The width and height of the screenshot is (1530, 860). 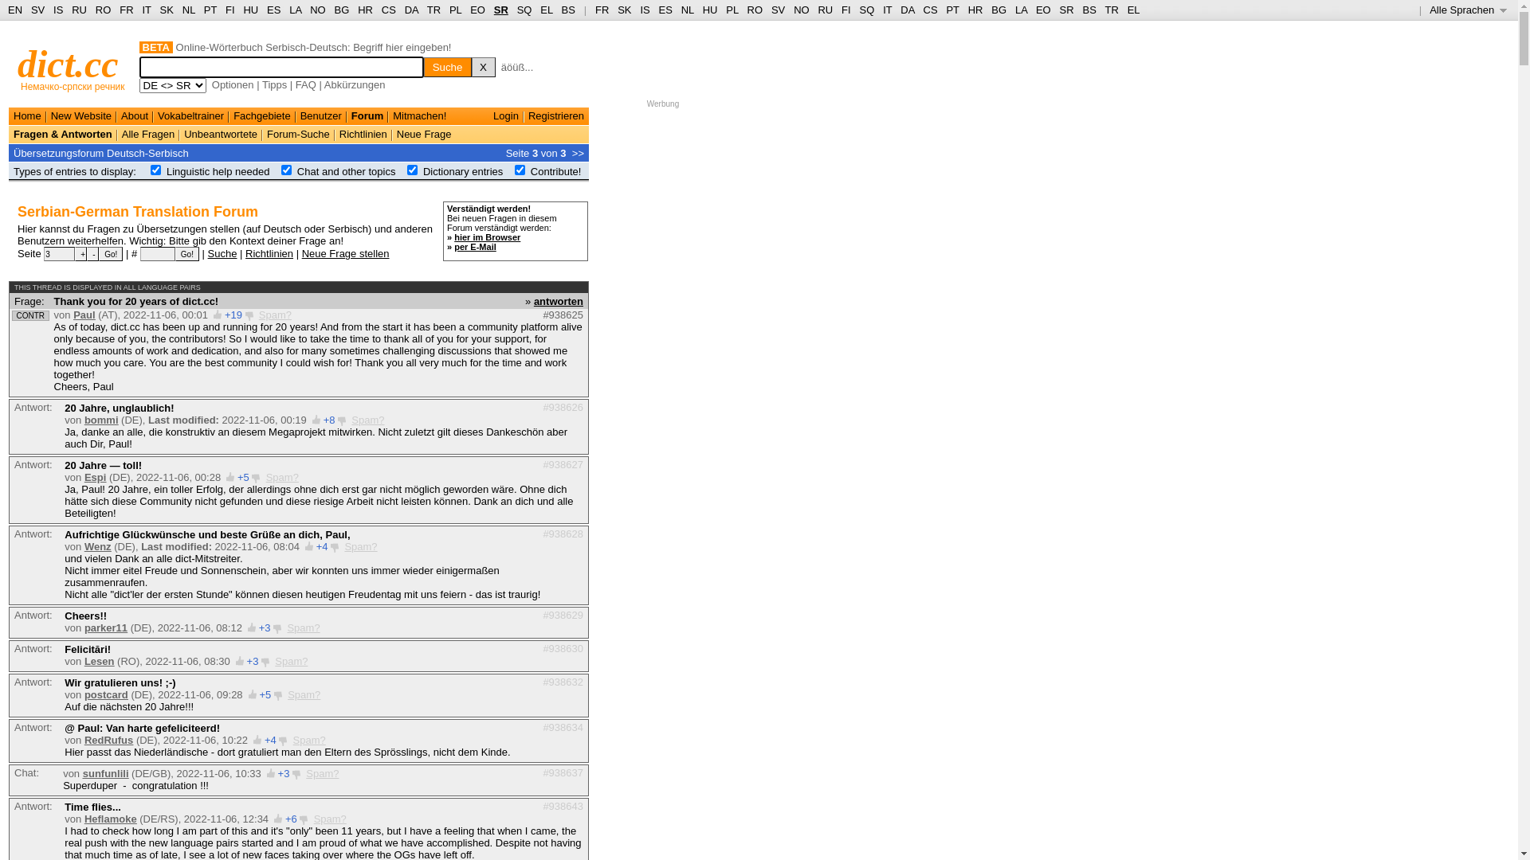 What do you see at coordinates (220, 133) in the screenshot?
I see `'Unbeantwortete'` at bounding box center [220, 133].